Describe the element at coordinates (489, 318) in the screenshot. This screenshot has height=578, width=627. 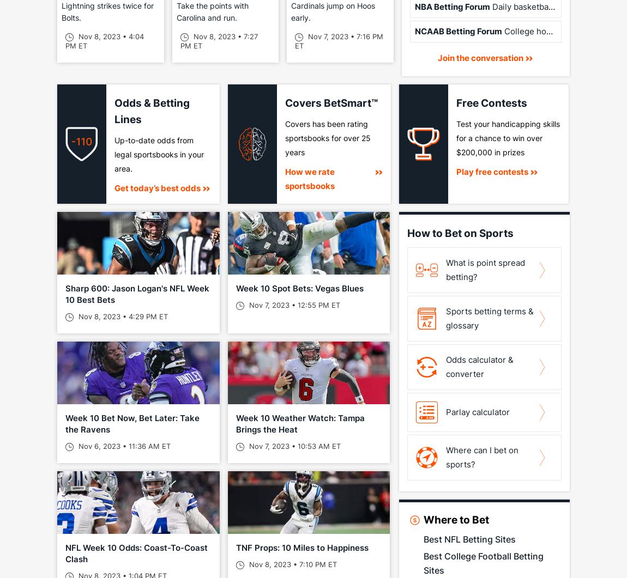
I see `'Sports betting terms & glossary'` at that location.